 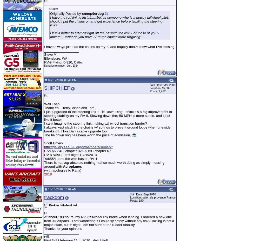 What do you see at coordinates (77, 151) in the screenshot?
I see `'EAA 668340, chapter 326 & IAC chapter 67'` at bounding box center [77, 151].